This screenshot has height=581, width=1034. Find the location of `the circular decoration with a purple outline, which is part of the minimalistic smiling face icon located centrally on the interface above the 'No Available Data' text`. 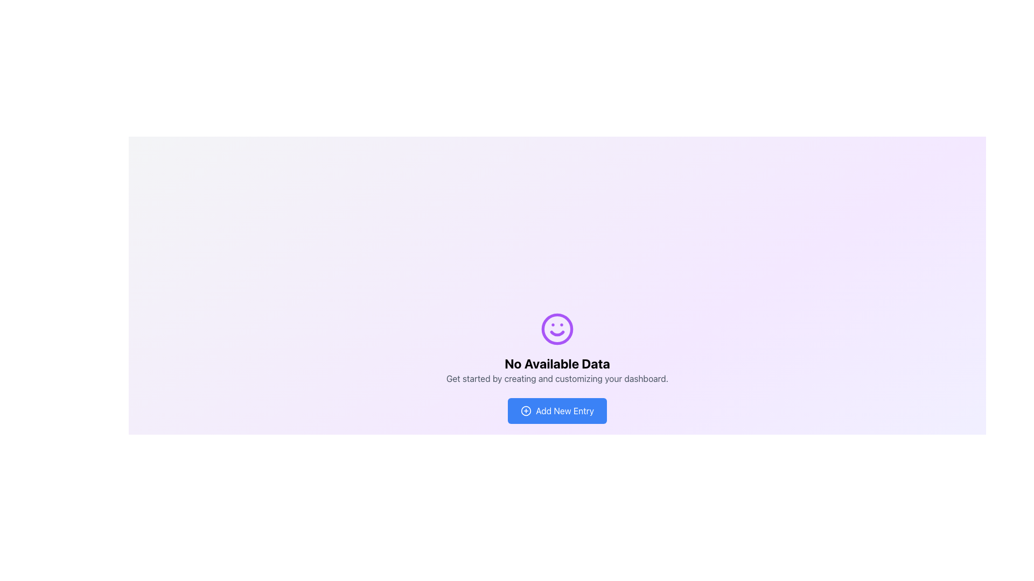

the circular decoration with a purple outline, which is part of the minimalistic smiling face icon located centrally on the interface above the 'No Available Data' text is located at coordinates (557, 329).